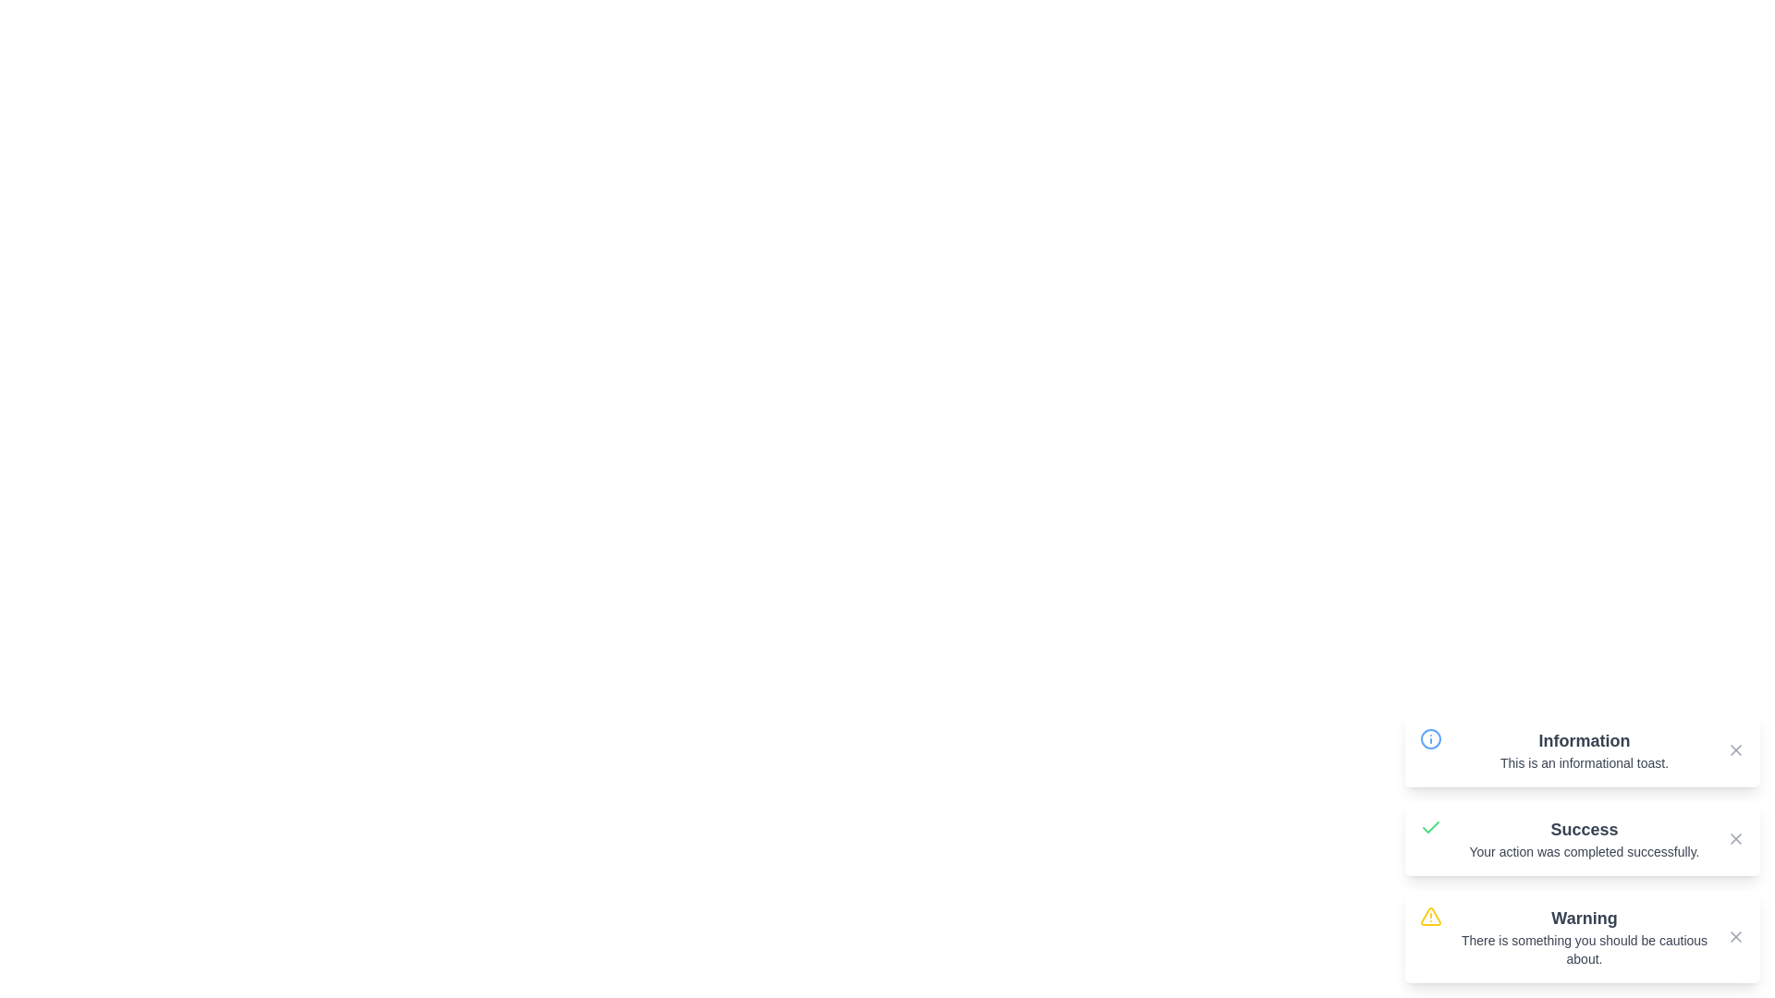 This screenshot has height=998, width=1775. Describe the element at coordinates (1430, 737) in the screenshot. I see `the informational notification icon located at the top-left corner of the toast notifications stack` at that location.